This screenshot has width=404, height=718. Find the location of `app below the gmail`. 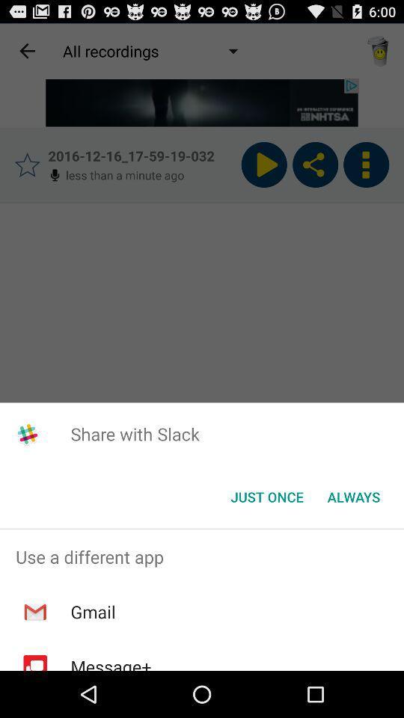

app below the gmail is located at coordinates (110, 662).